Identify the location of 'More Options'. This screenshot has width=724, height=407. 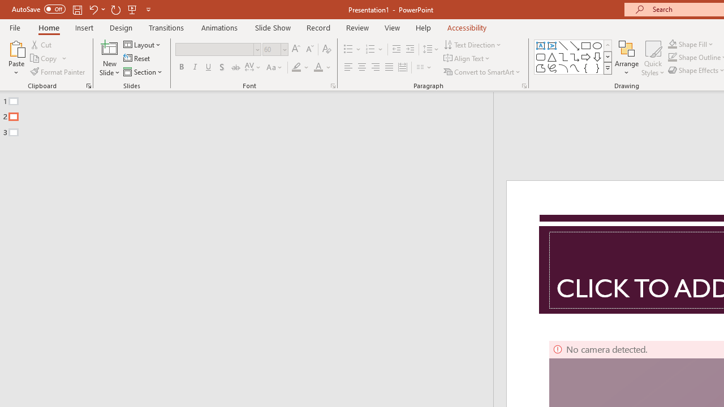
(697, 44).